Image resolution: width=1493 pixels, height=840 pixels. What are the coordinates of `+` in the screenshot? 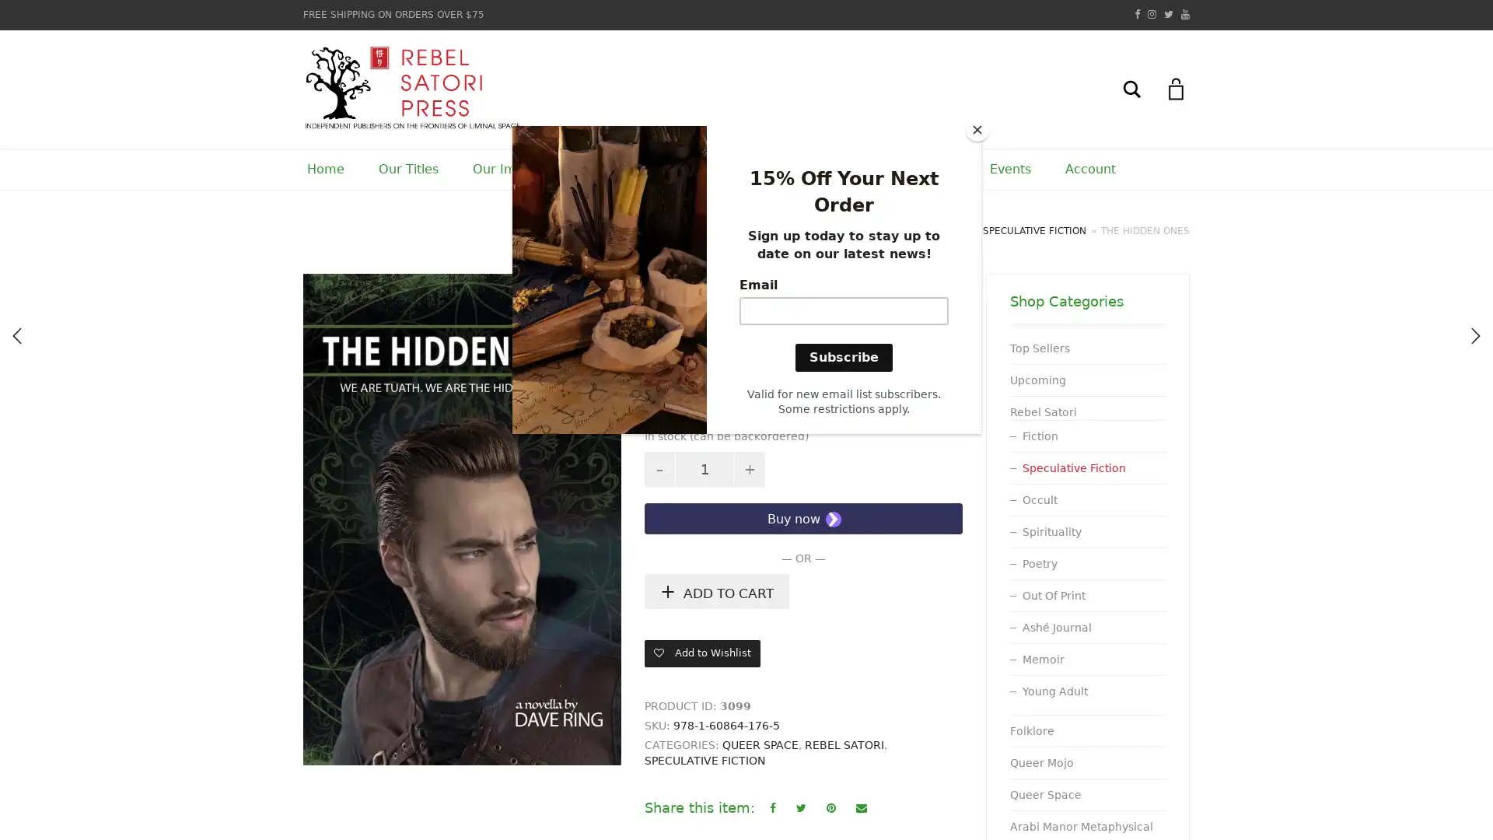 It's located at (750, 468).